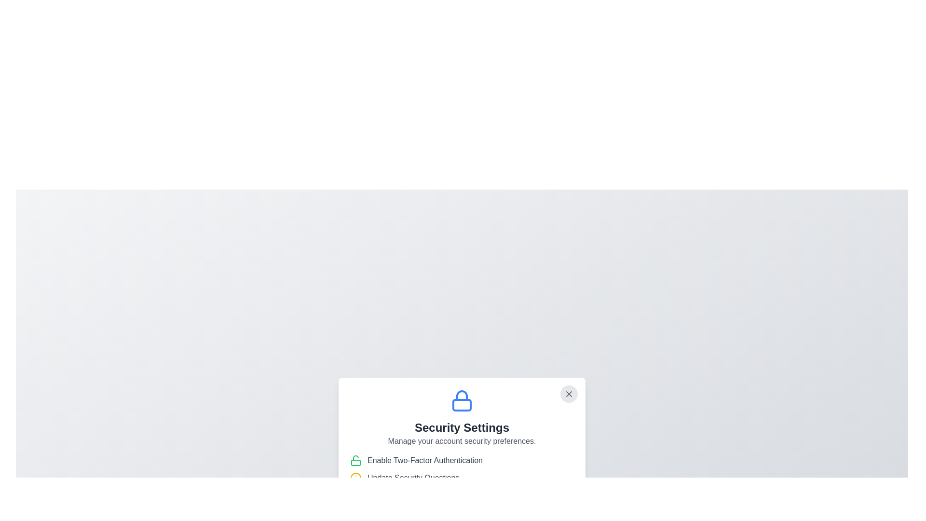 This screenshot has width=926, height=521. What do you see at coordinates (462, 441) in the screenshot?
I see `the descriptive subtitle element located below the 'Security Settings' heading, which provides guidance for the security settings page` at bounding box center [462, 441].